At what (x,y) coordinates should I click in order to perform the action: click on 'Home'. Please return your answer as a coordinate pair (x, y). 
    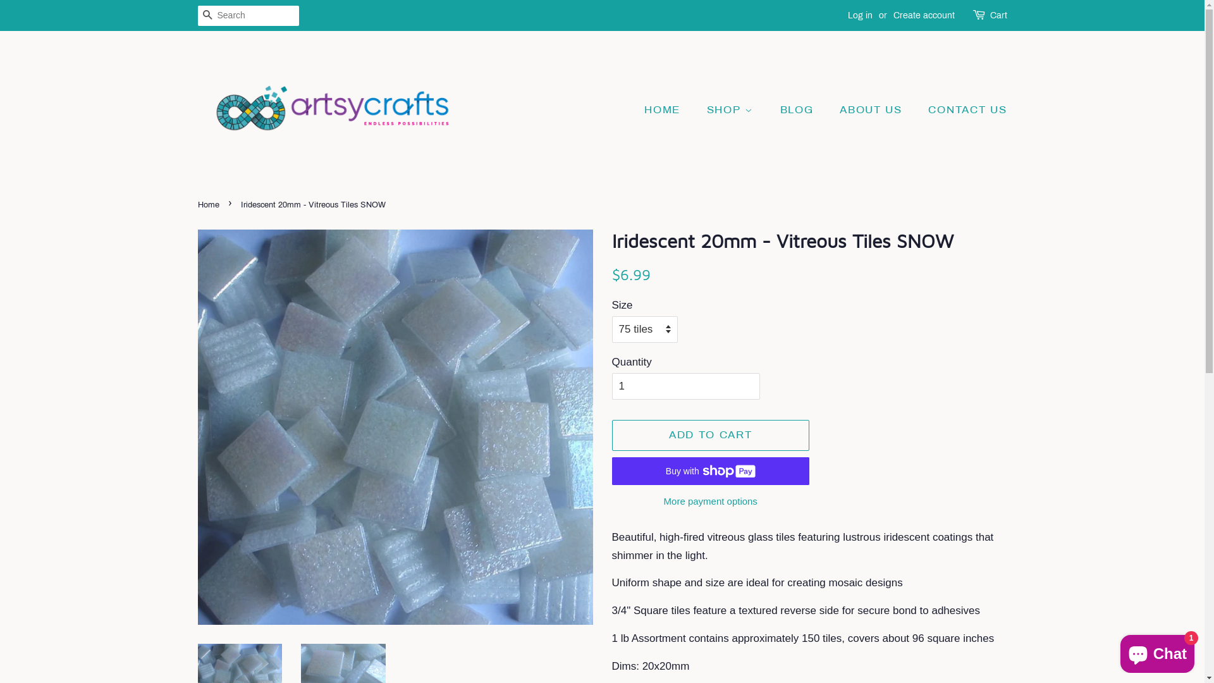
    Looking at the image, I should click on (197, 204).